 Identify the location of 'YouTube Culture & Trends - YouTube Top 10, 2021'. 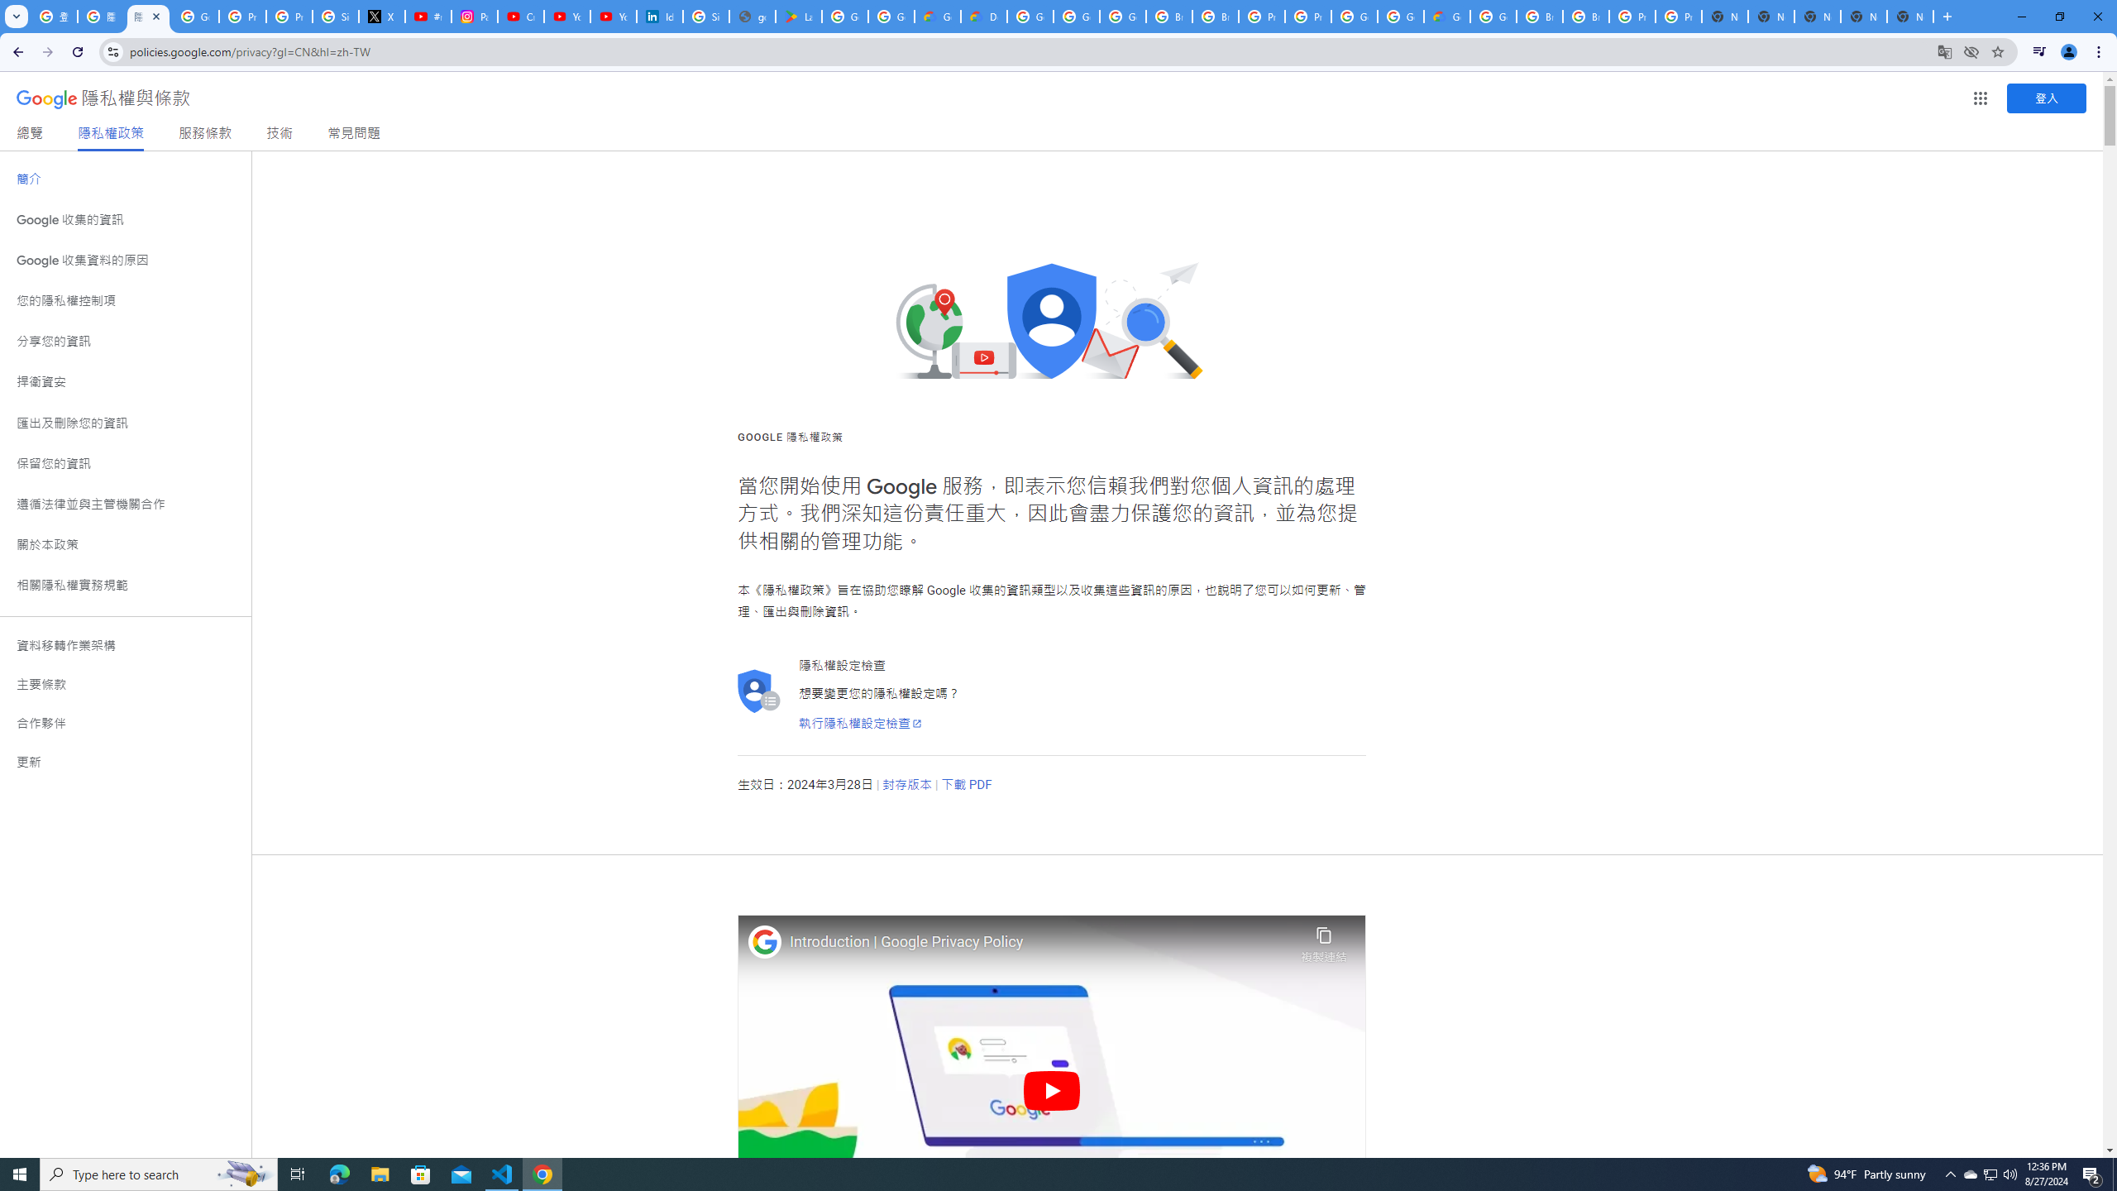
(613, 16).